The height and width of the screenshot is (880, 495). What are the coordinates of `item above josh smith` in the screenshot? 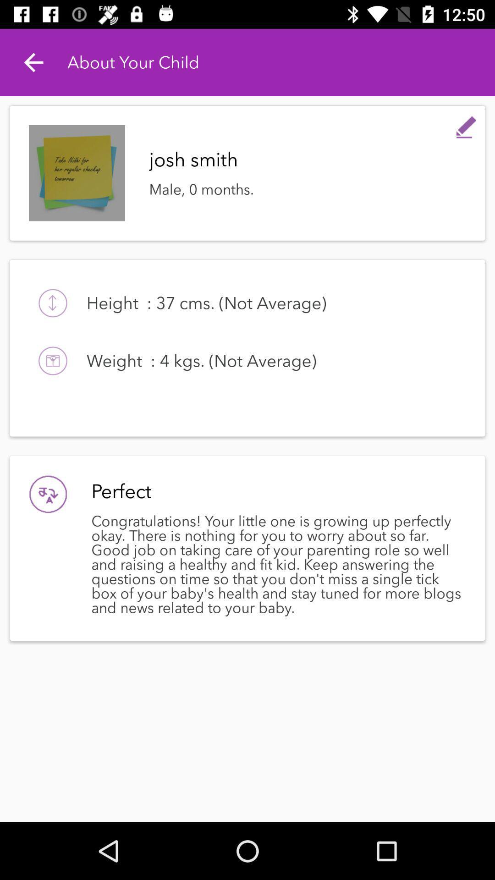 It's located at (466, 125).